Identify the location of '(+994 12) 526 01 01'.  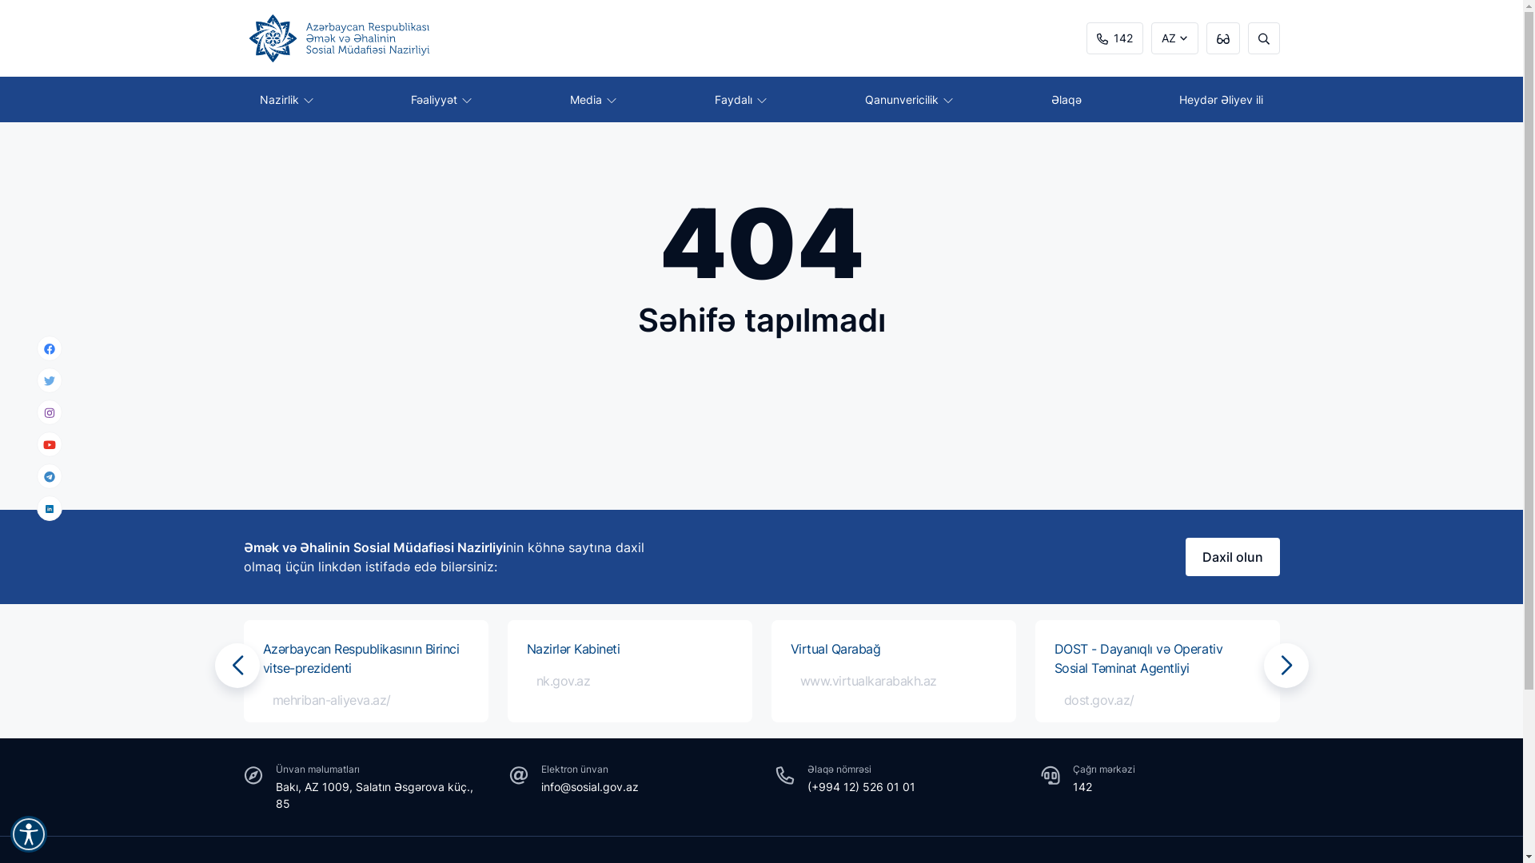
(860, 785).